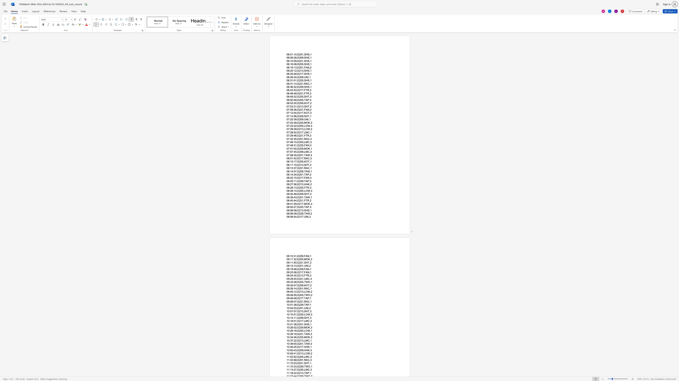 The width and height of the screenshot is (679, 381). Describe the element at coordinates (303, 369) in the screenshot. I see `the subset text ",L" within the text "11:13:27,E225,LMC,3"` at that location.